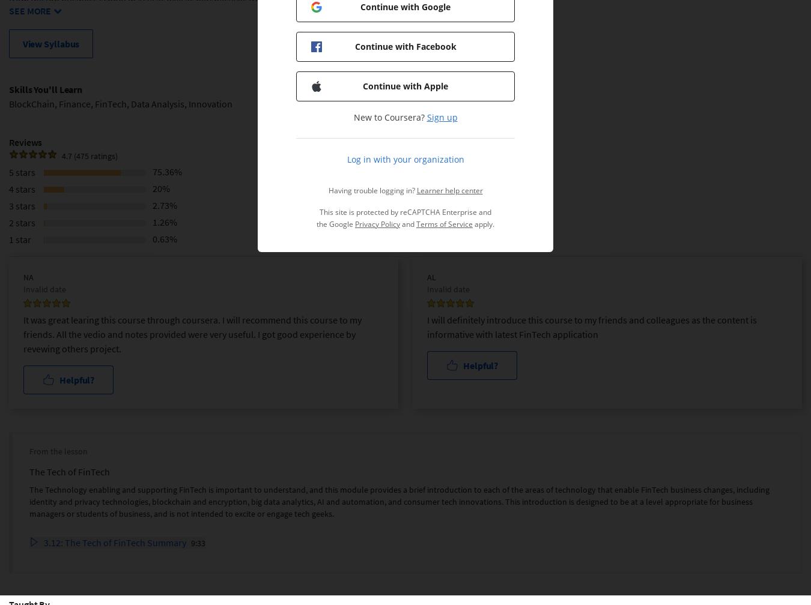 This screenshot has height=605, width=811. I want to click on 'and', so click(407, 224).